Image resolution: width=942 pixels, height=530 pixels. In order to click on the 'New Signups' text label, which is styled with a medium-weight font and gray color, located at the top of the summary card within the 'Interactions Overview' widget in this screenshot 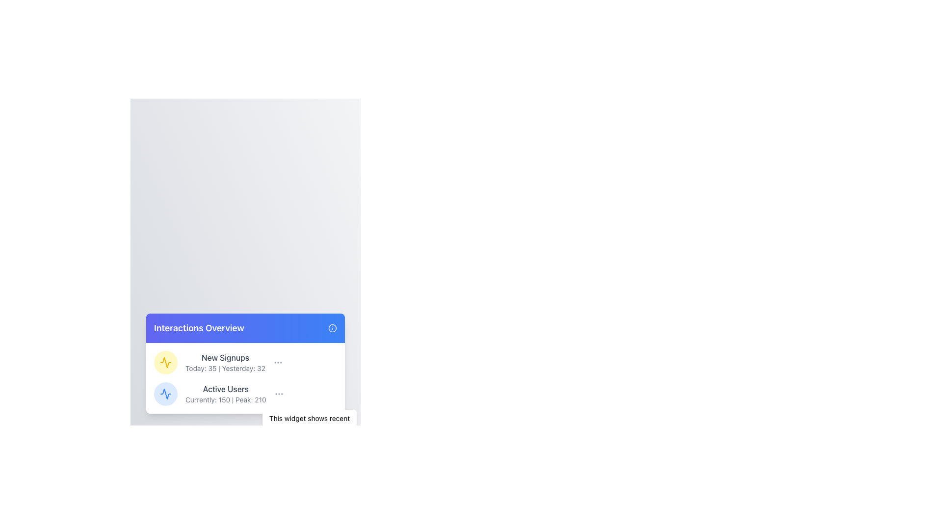, I will do `click(225, 358)`.